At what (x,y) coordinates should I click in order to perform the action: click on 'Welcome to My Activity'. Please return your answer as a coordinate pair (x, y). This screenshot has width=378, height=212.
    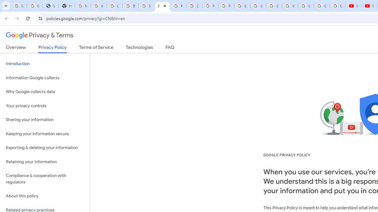
    Looking at the image, I should click on (290, 6).